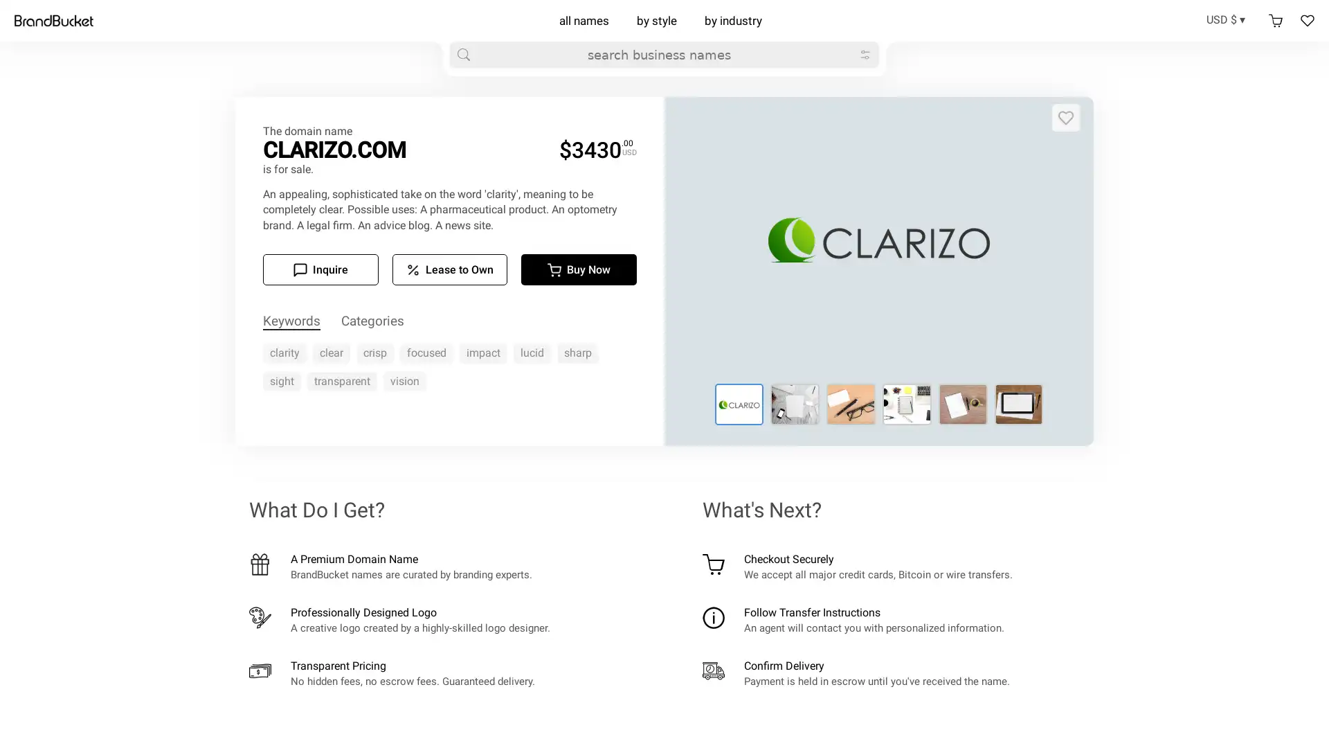 The image size is (1329, 748). I want to click on Keywords, so click(291, 321).